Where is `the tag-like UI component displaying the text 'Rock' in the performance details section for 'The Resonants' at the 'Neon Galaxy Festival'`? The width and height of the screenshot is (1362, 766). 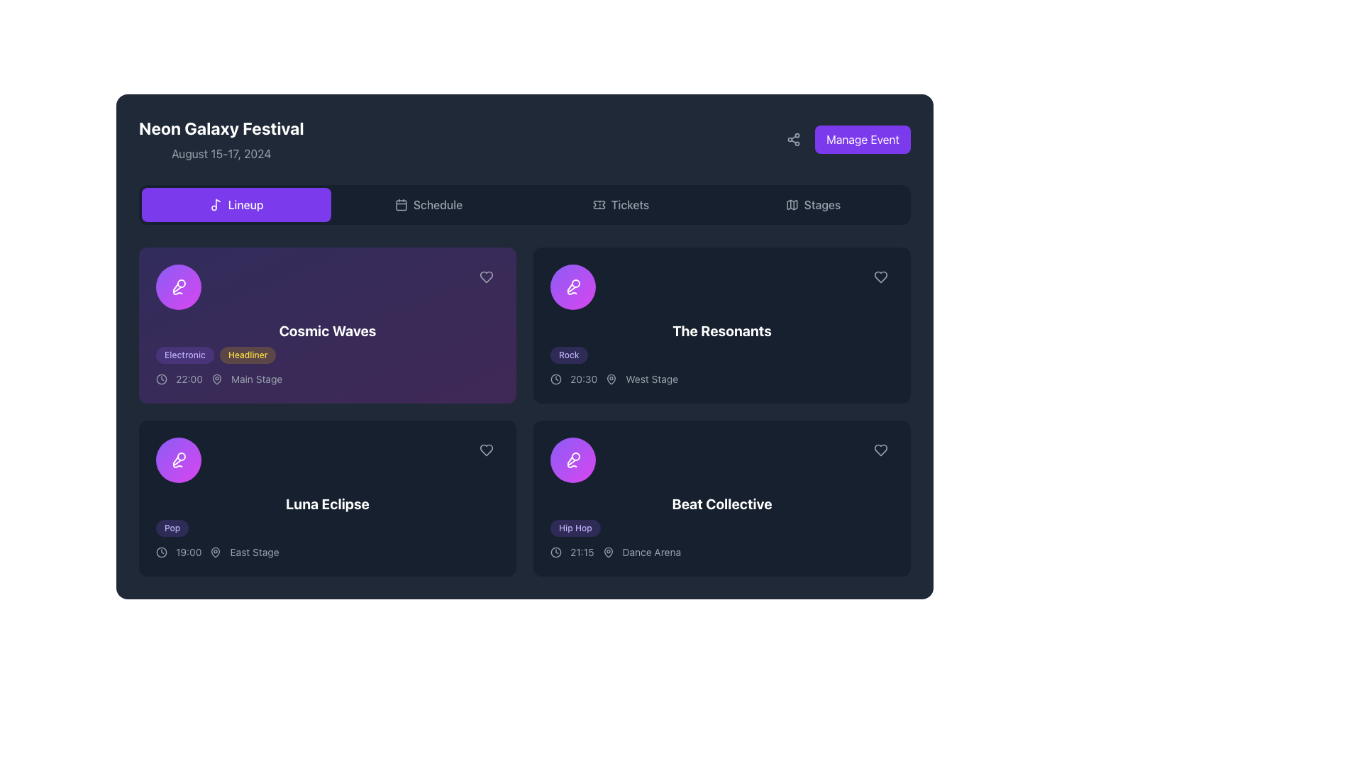
the tag-like UI component displaying the text 'Rock' in the performance details section for 'The Resonants' at the 'Neon Galaxy Festival' is located at coordinates (569, 355).